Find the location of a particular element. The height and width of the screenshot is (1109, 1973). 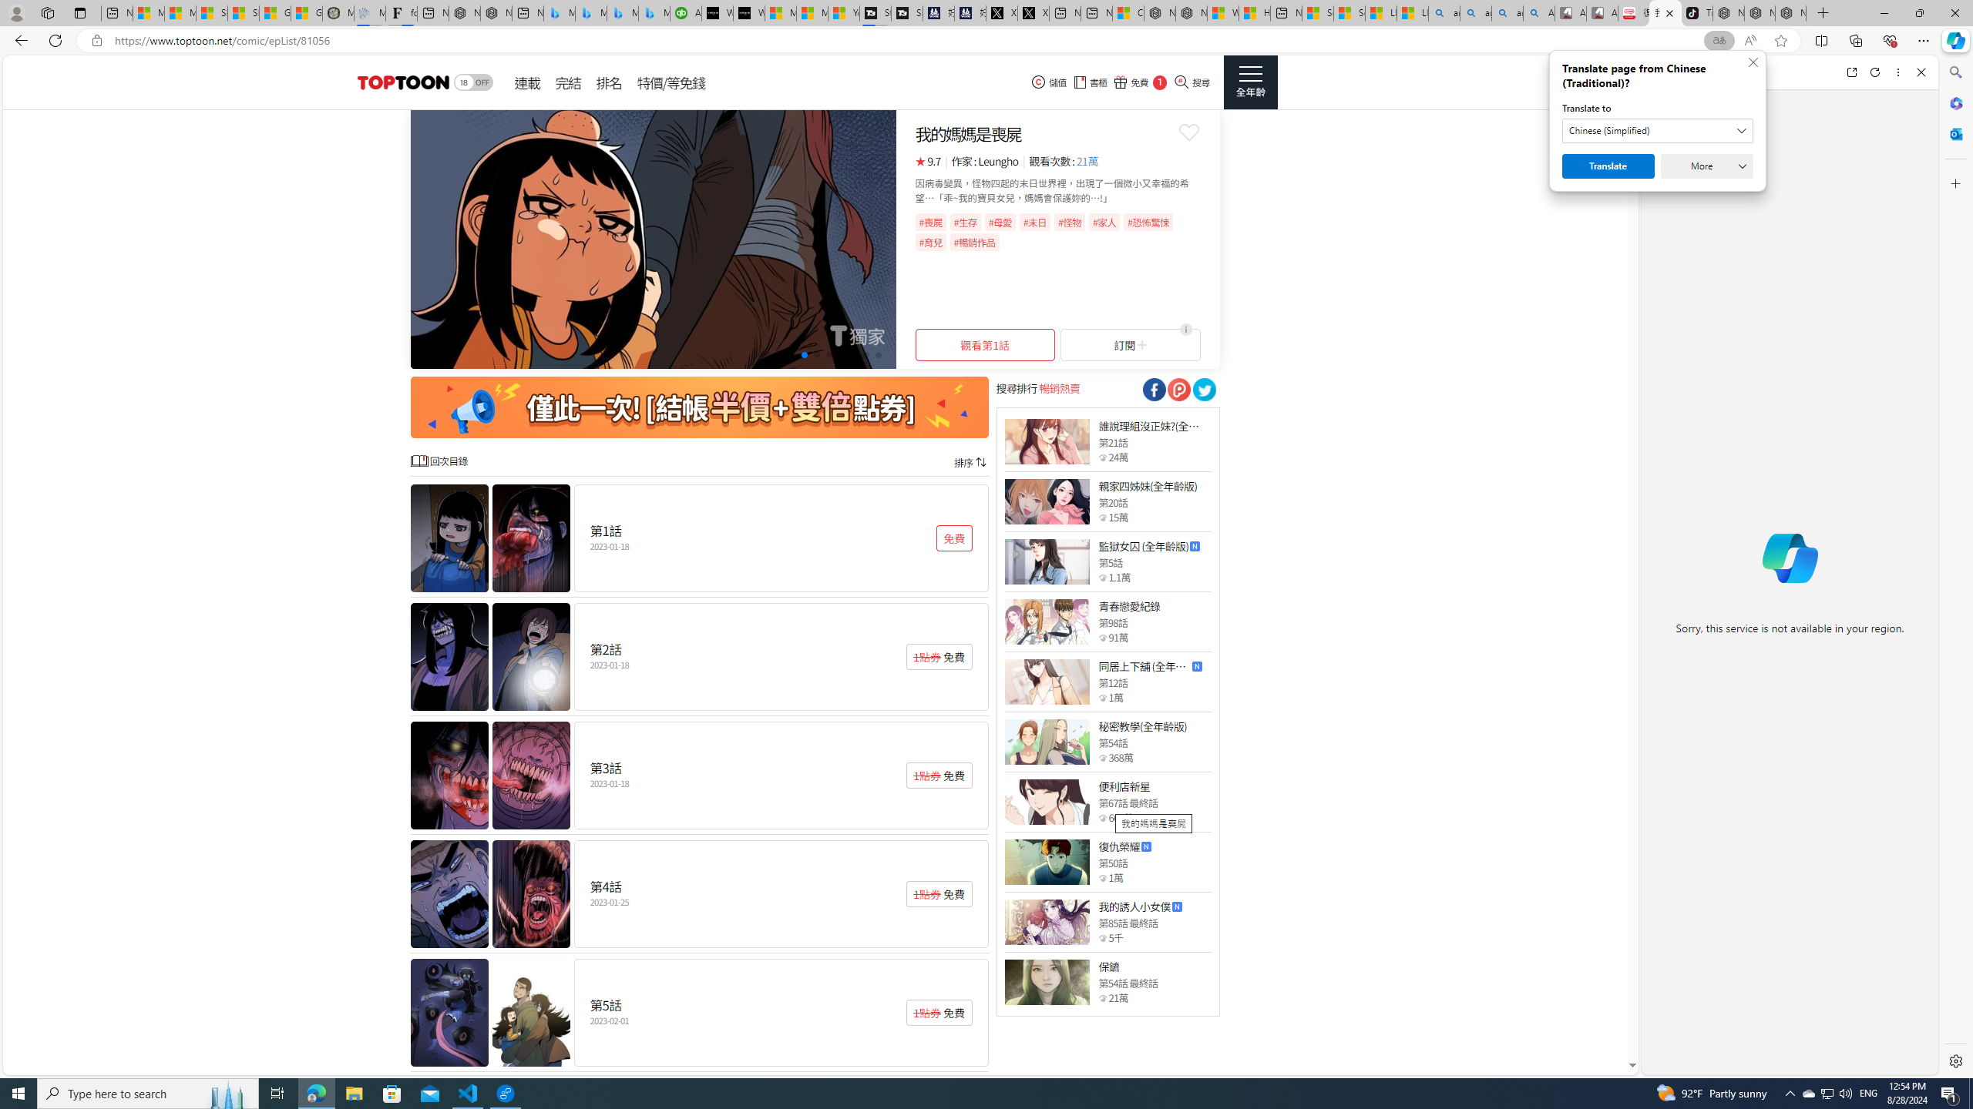

'Huge shark washes ashore at New York City beach | Watch' is located at coordinates (1254, 12).